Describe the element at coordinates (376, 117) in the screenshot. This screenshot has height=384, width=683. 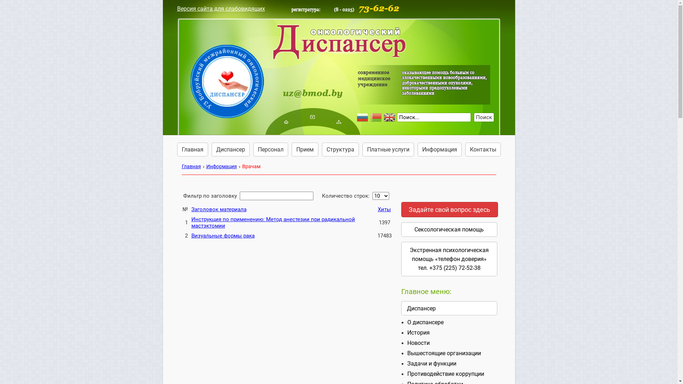
I see `'Belarusian'` at that location.